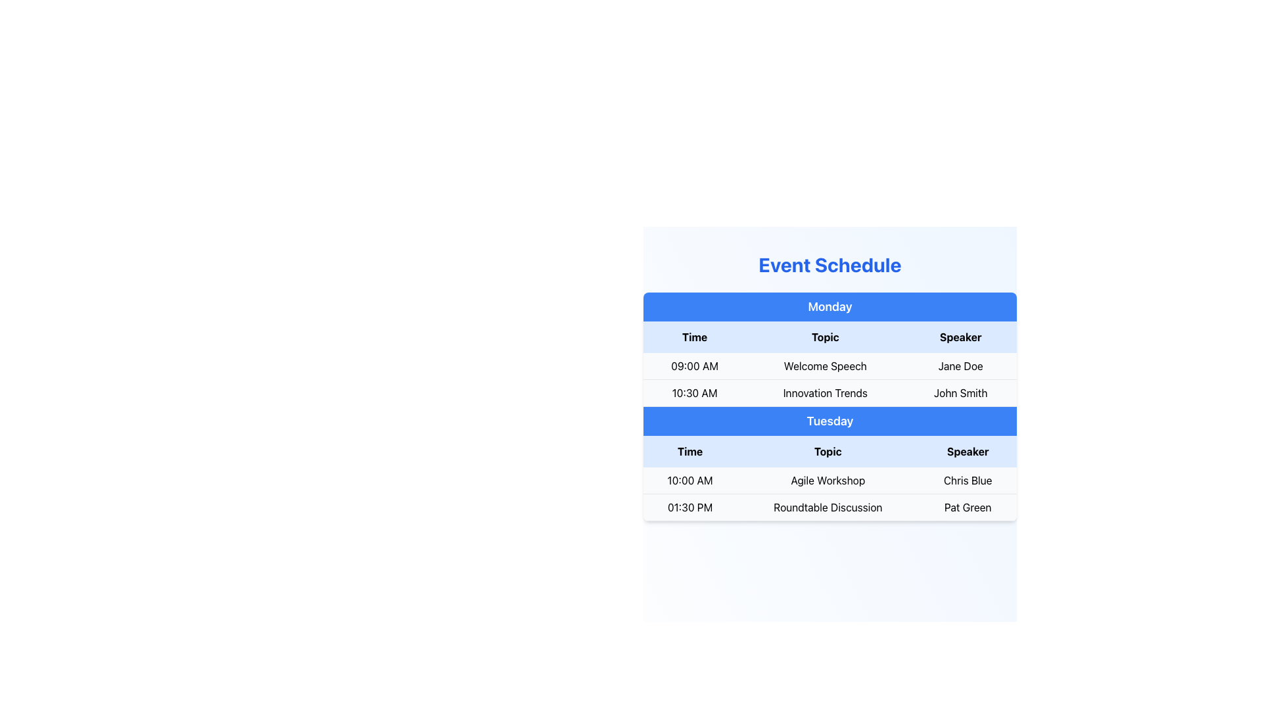  Describe the element at coordinates (824, 337) in the screenshot. I see `the 'Topic' Text Label element, which is the second column header in the Event Schedule table, displaying the word 'Topic' in black font on a light blue background` at that location.